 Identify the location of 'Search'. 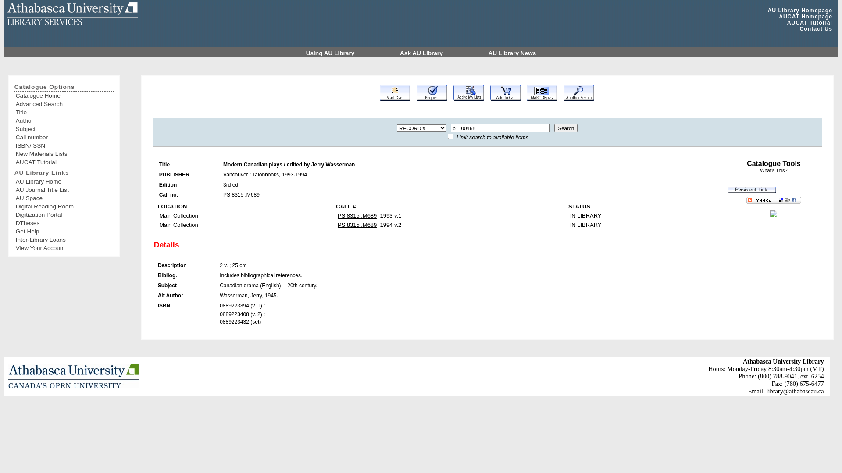
(566, 128).